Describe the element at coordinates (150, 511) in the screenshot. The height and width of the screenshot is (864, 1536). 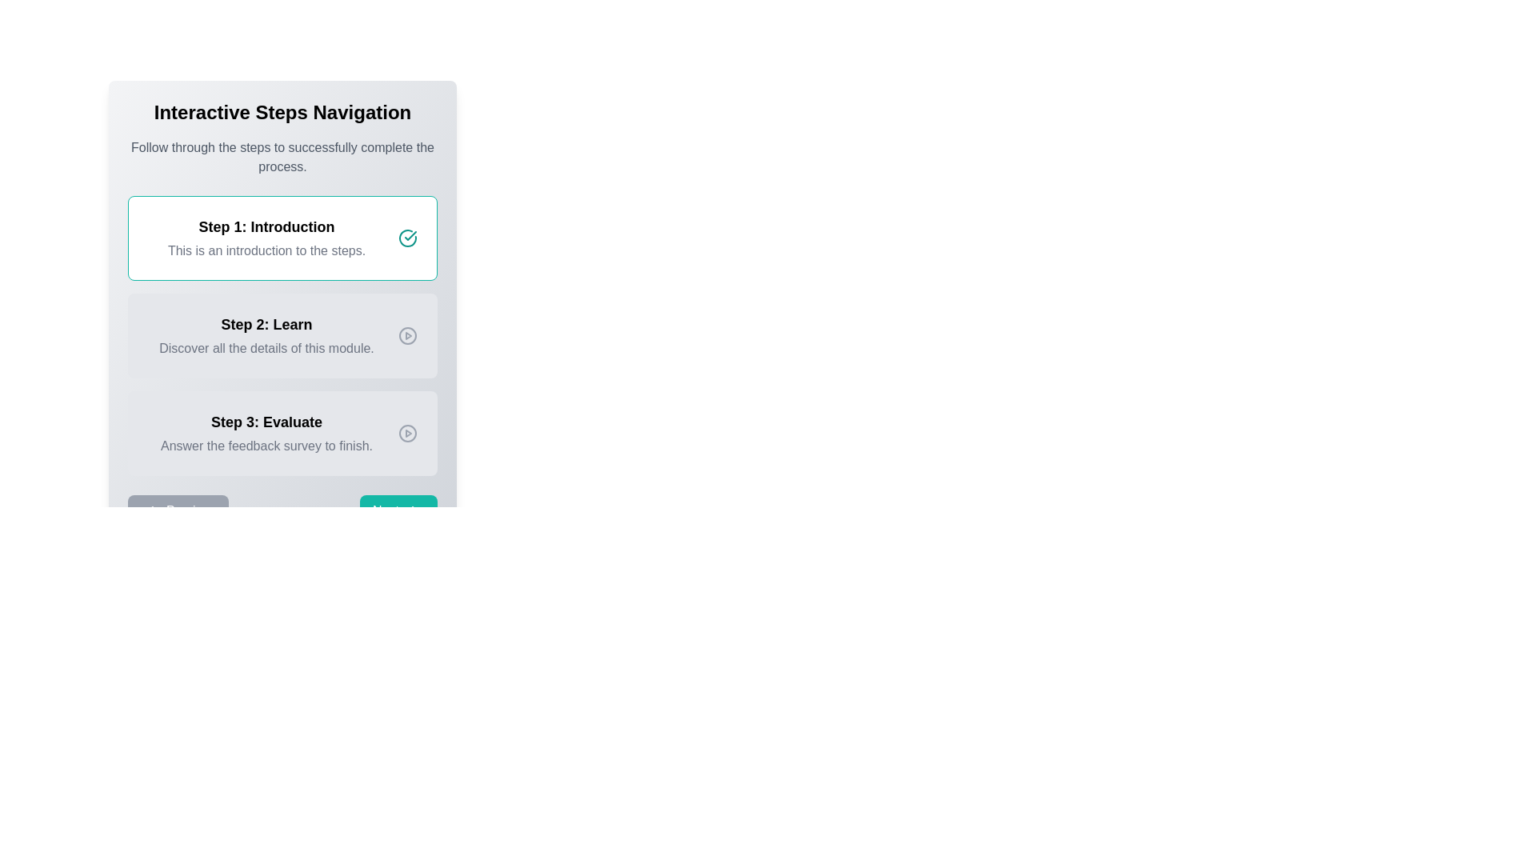
I see `the backward navigation icon located at the far left of the 'Previous' button in the bottom-left part of the interface` at that location.